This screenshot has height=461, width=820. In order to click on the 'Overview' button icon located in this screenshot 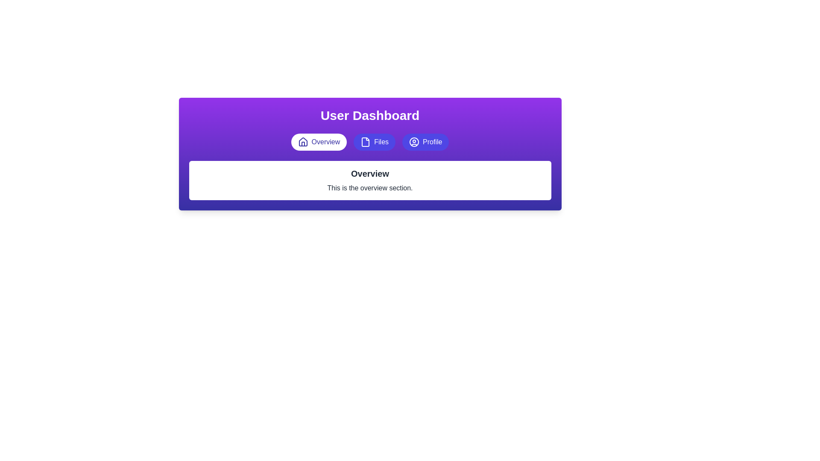, I will do `click(303, 141)`.